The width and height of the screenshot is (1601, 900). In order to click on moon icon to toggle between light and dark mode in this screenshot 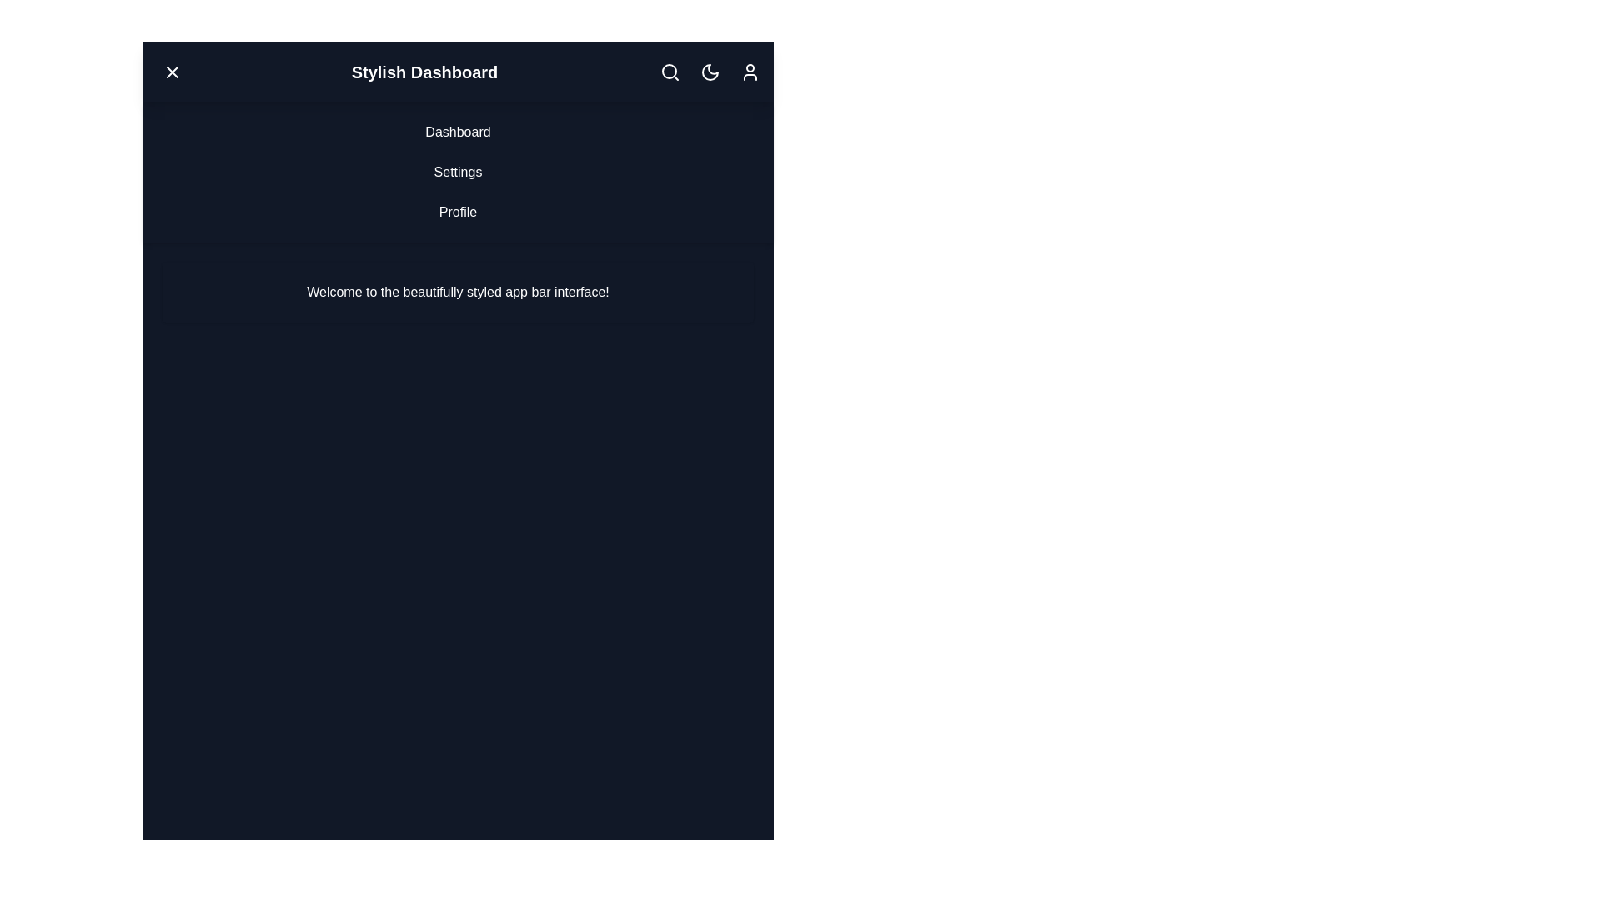, I will do `click(710, 72)`.